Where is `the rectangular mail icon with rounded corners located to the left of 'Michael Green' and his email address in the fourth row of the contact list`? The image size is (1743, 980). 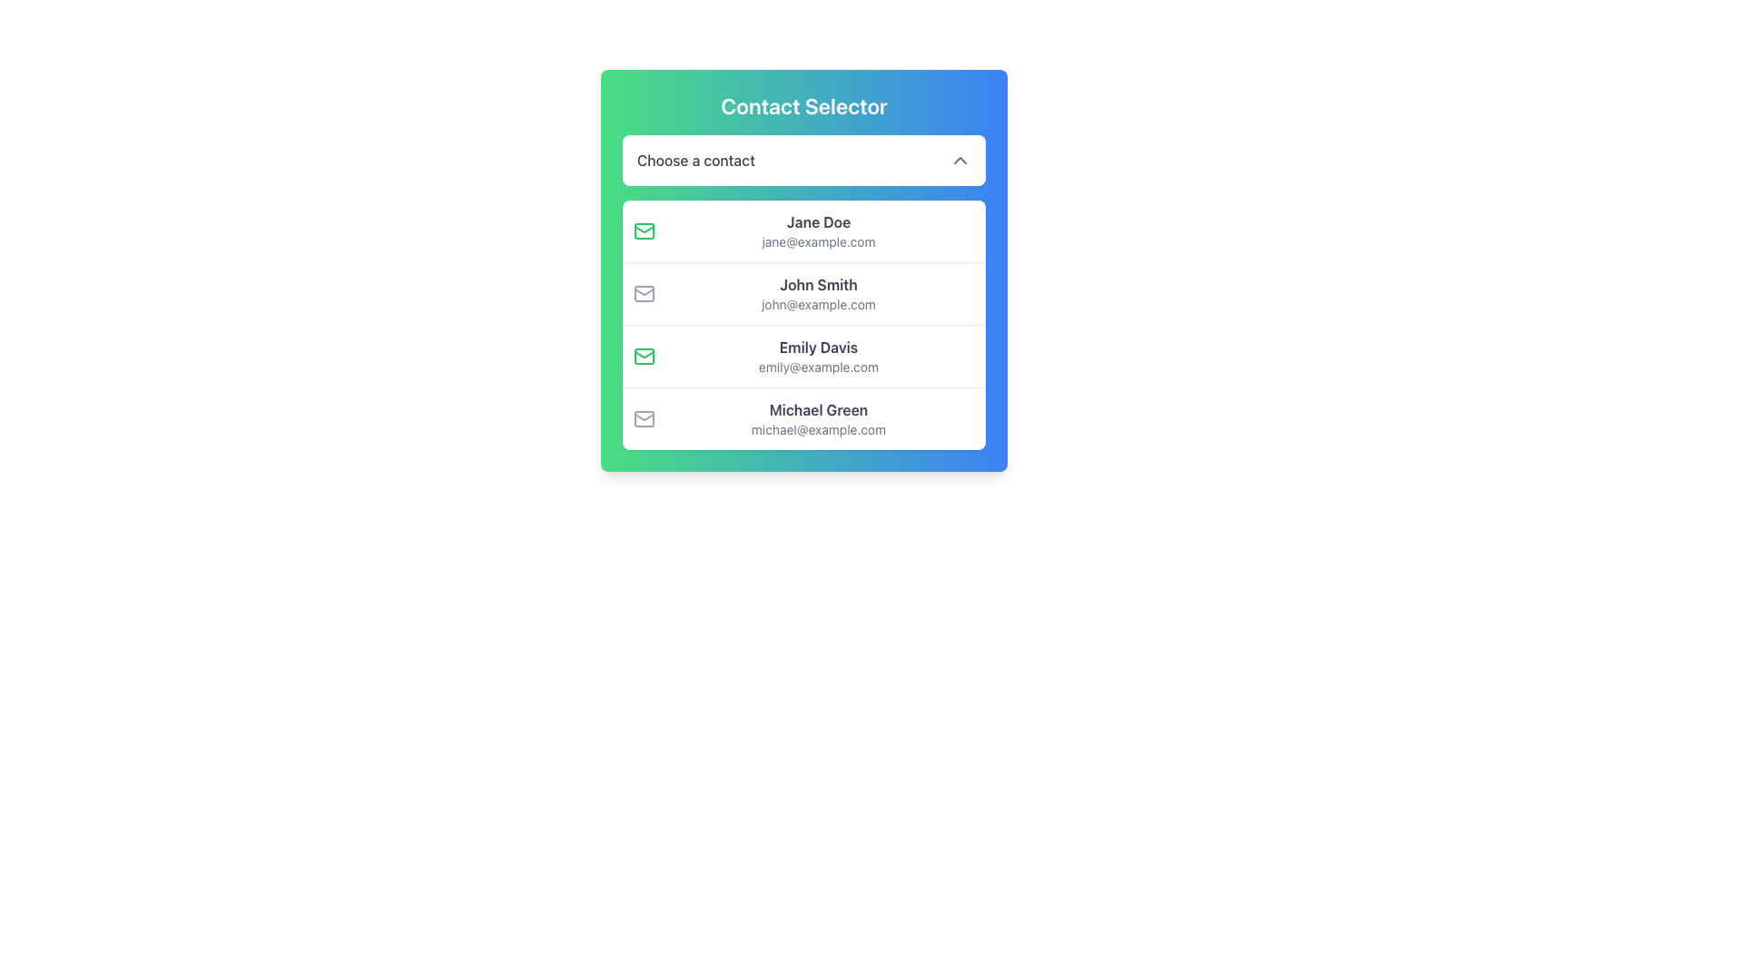
the rectangular mail icon with rounded corners located to the left of 'Michael Green' and his email address in the fourth row of the contact list is located at coordinates (645, 419).